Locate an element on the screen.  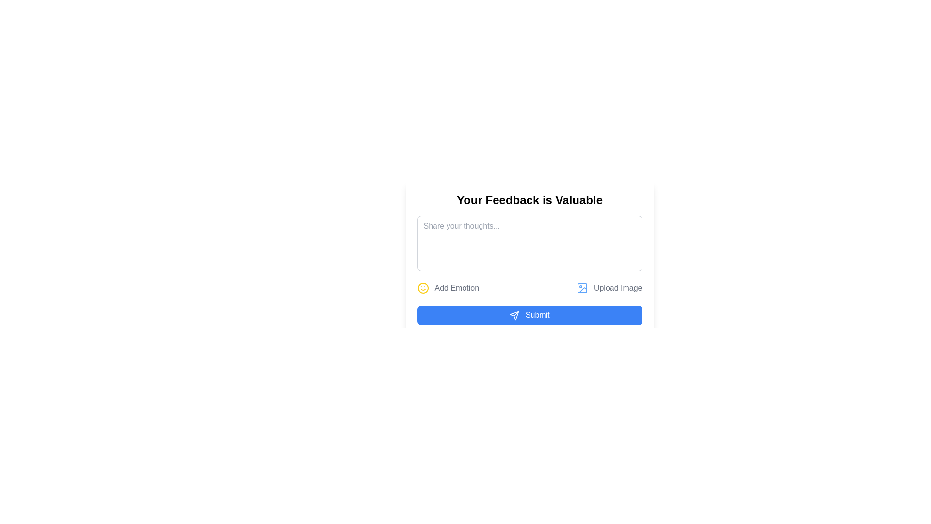
the blue icon button representing an image, located to the right of the 'Add Emotion' button, to upload an image is located at coordinates (582, 288).